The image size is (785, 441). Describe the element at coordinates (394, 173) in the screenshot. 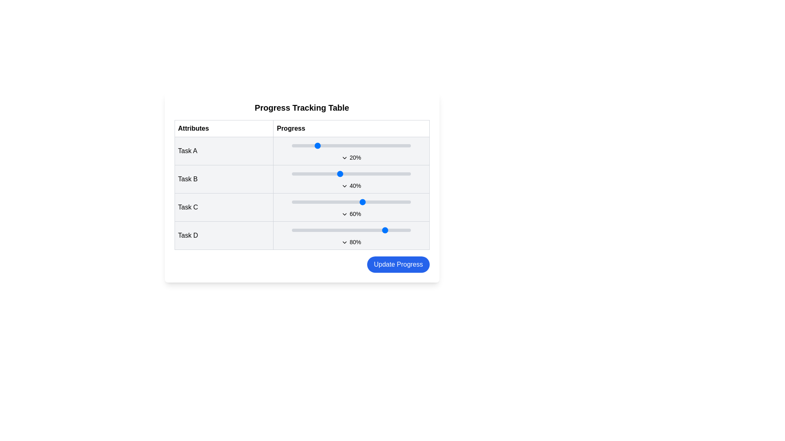

I see `the progress of Task B` at that location.